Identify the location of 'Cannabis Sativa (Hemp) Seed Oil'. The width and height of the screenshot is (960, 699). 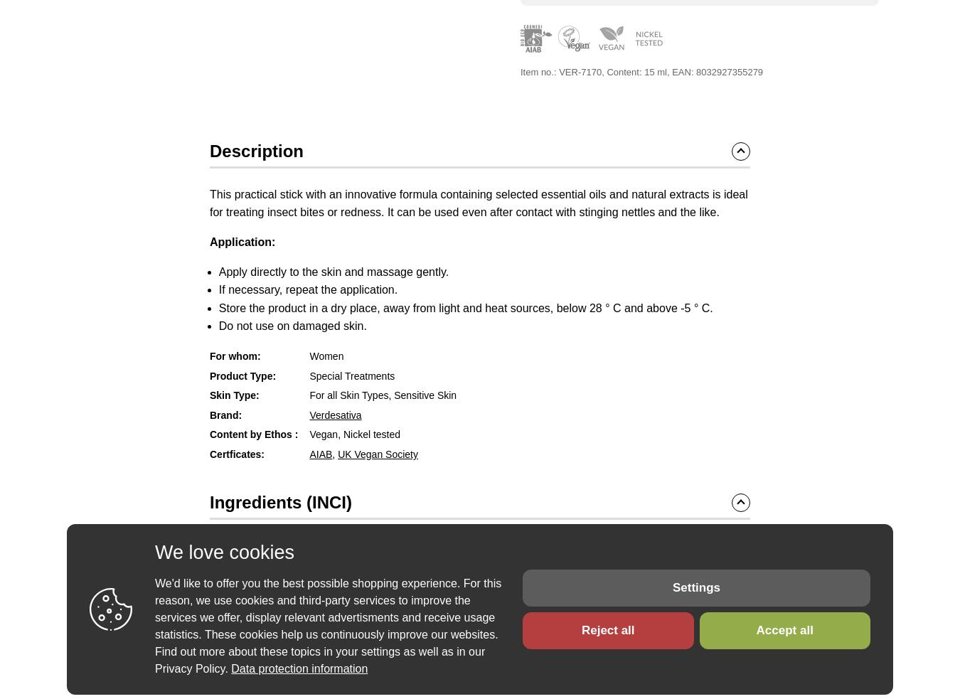
(462, 567).